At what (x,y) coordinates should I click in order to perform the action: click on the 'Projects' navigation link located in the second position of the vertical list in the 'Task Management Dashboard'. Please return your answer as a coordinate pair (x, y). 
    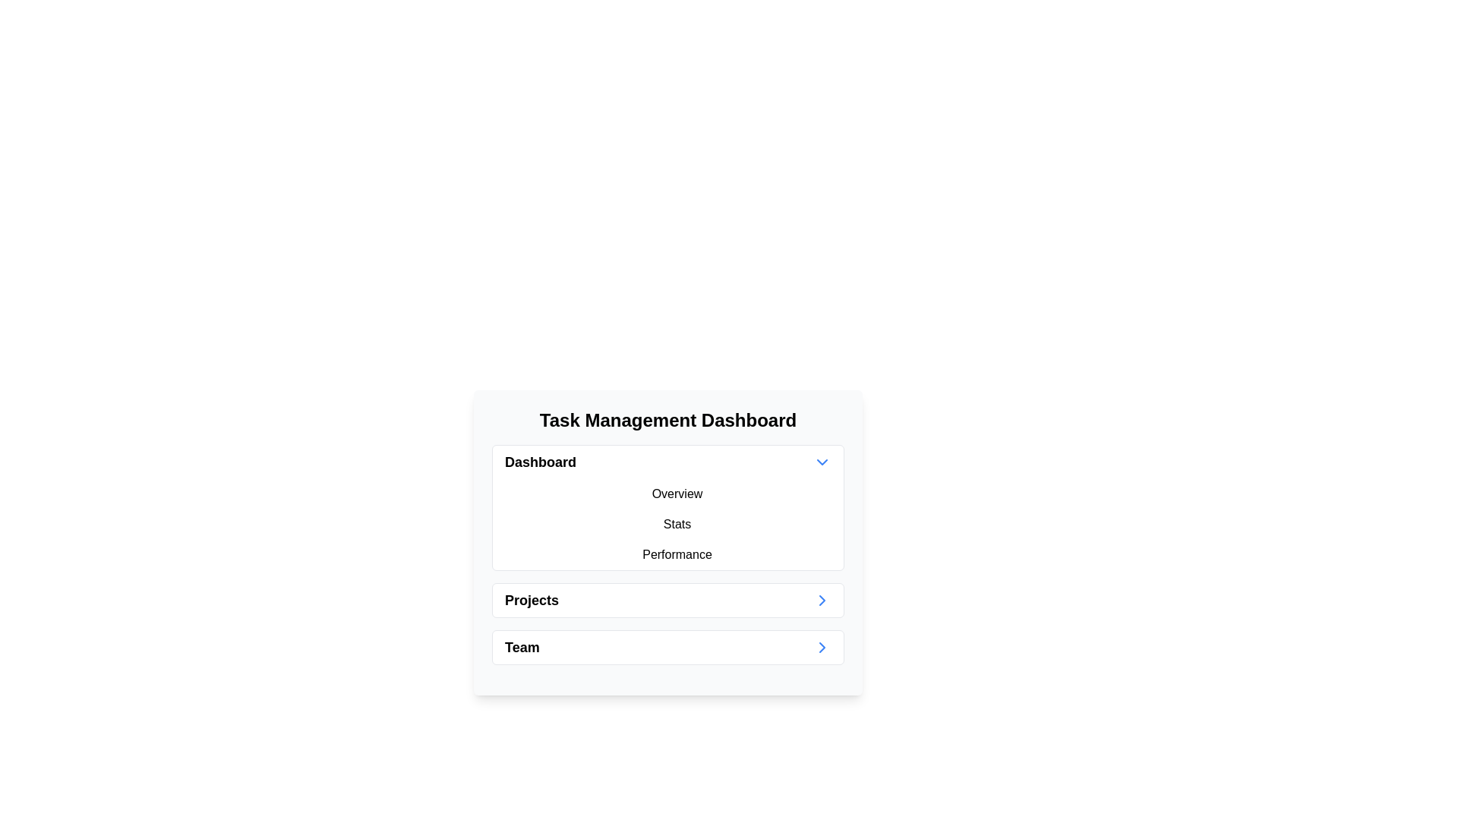
    Looking at the image, I should click on (667, 599).